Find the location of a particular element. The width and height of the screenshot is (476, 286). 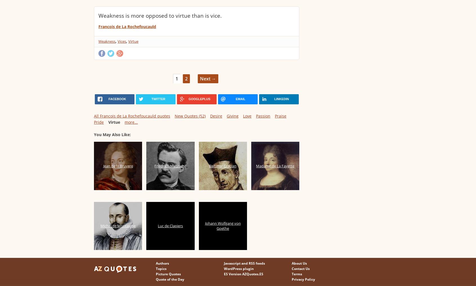

'more...' is located at coordinates (124, 122).